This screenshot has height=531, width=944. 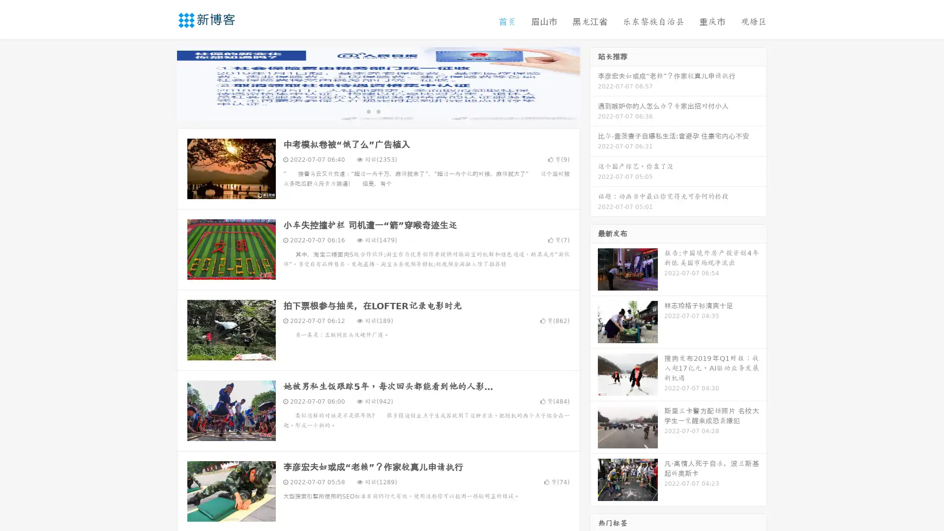 What do you see at coordinates (368, 111) in the screenshot?
I see `Go to slide 1` at bounding box center [368, 111].